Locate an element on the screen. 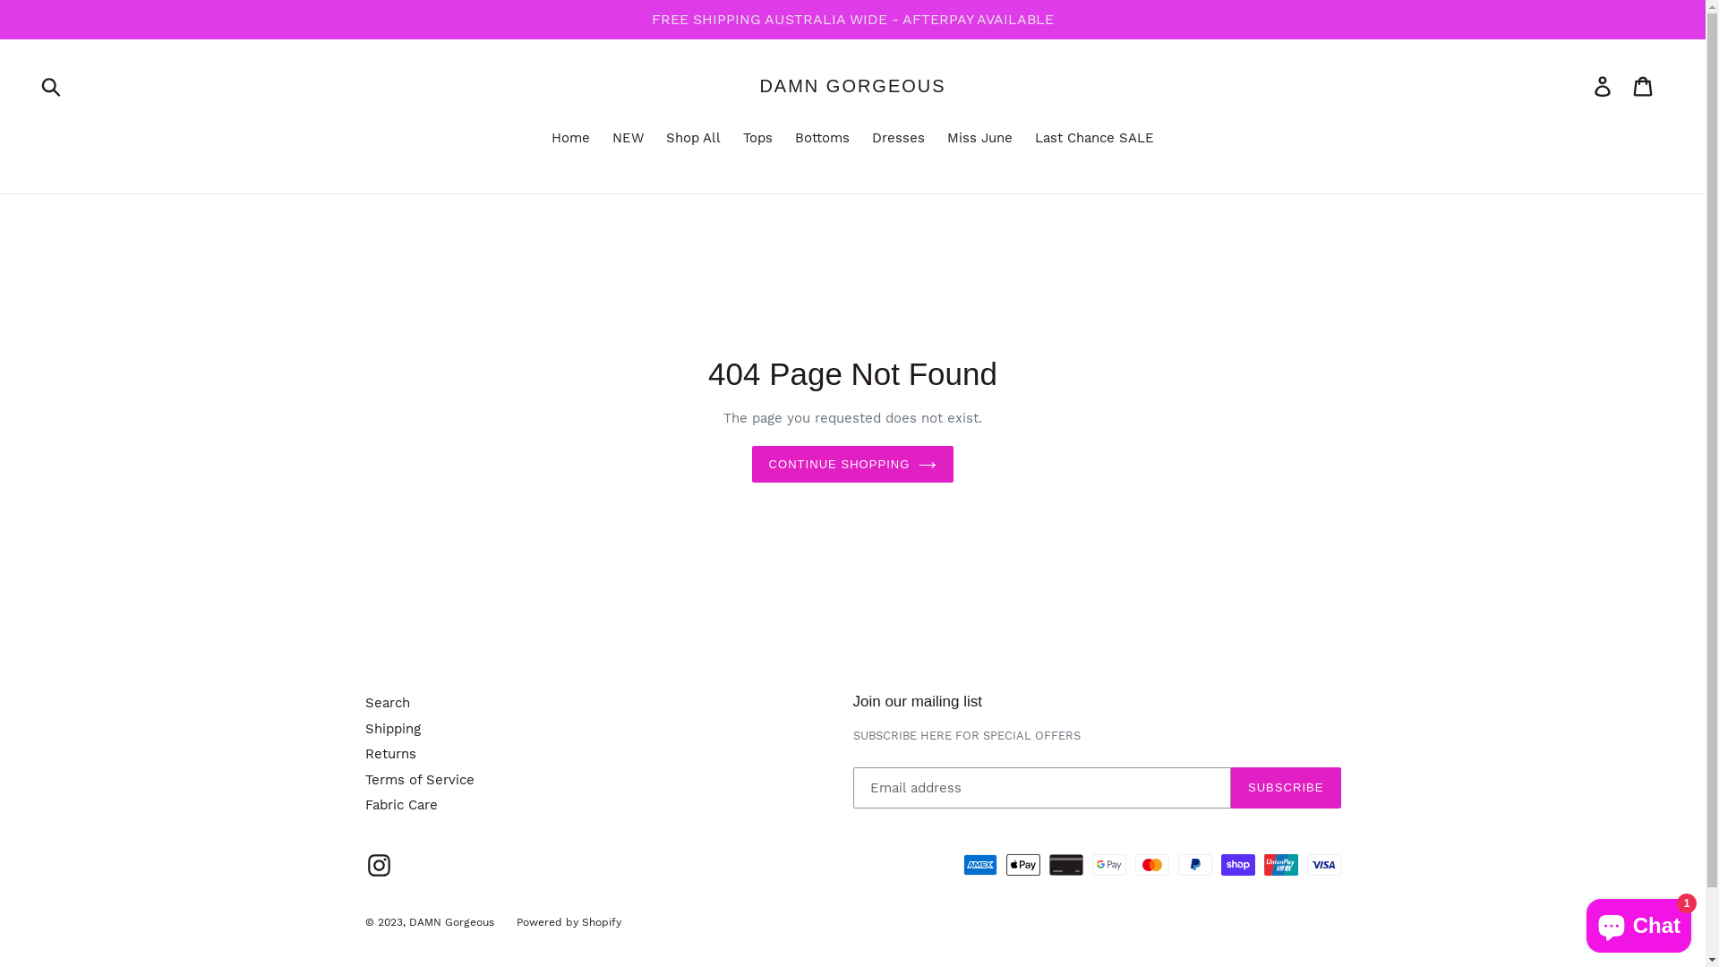  'Tops' is located at coordinates (734, 138).